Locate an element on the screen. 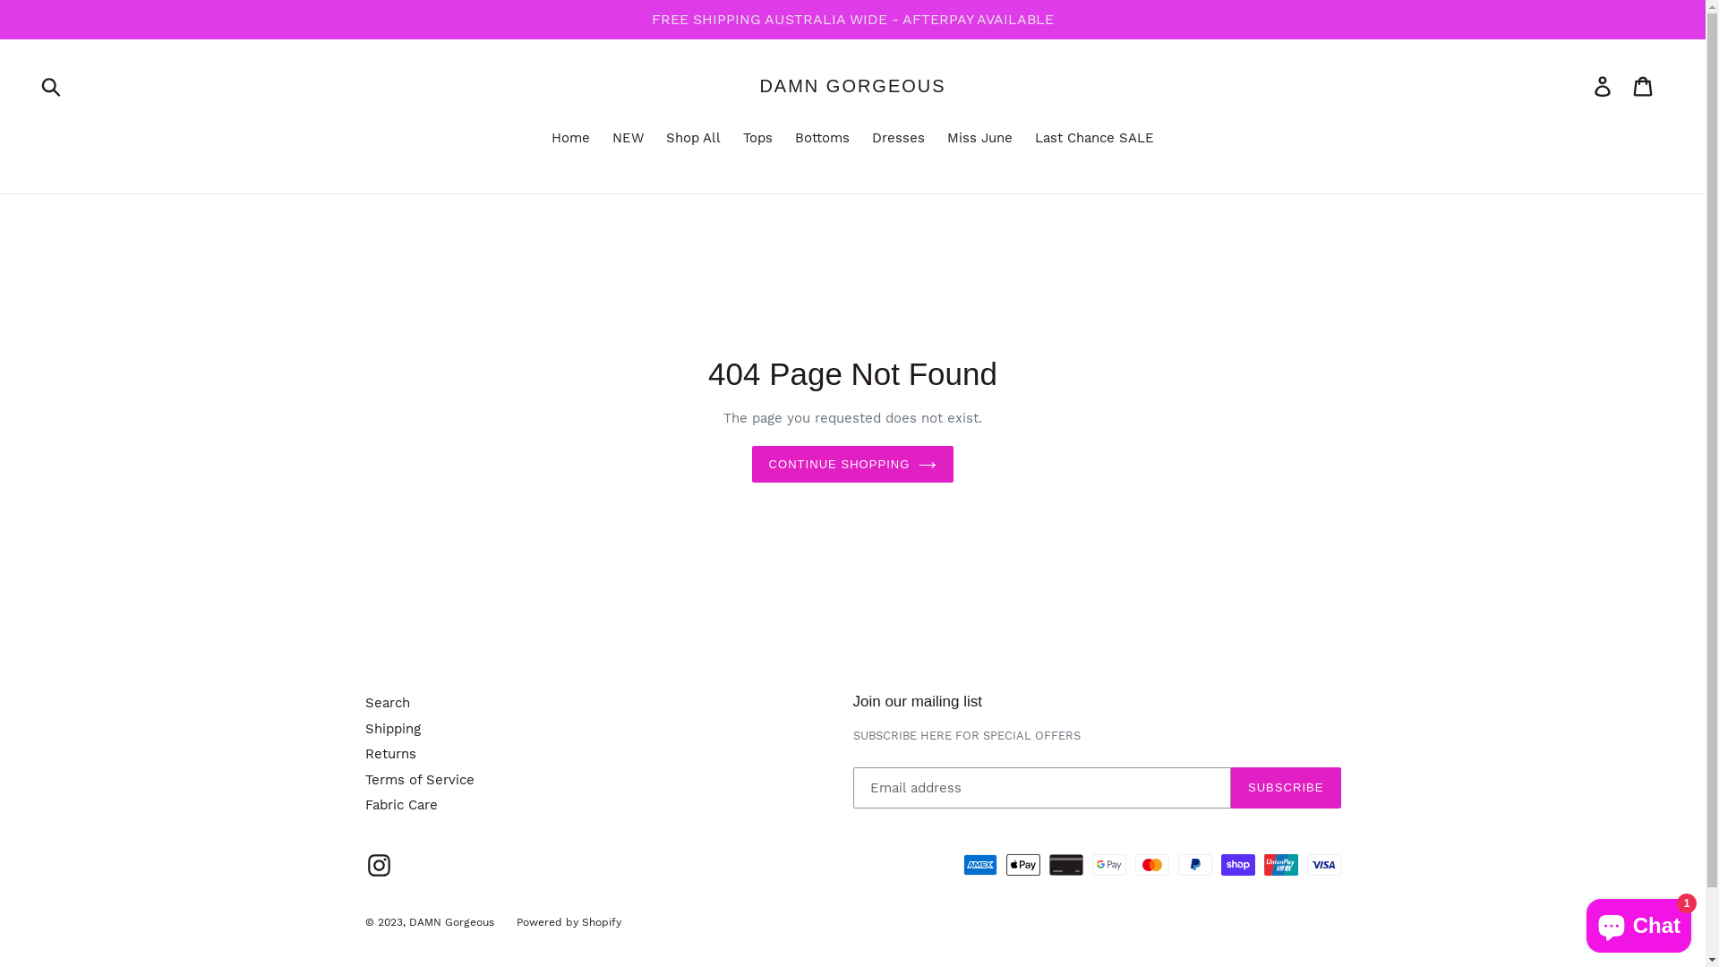  'Tops' is located at coordinates (734, 138).